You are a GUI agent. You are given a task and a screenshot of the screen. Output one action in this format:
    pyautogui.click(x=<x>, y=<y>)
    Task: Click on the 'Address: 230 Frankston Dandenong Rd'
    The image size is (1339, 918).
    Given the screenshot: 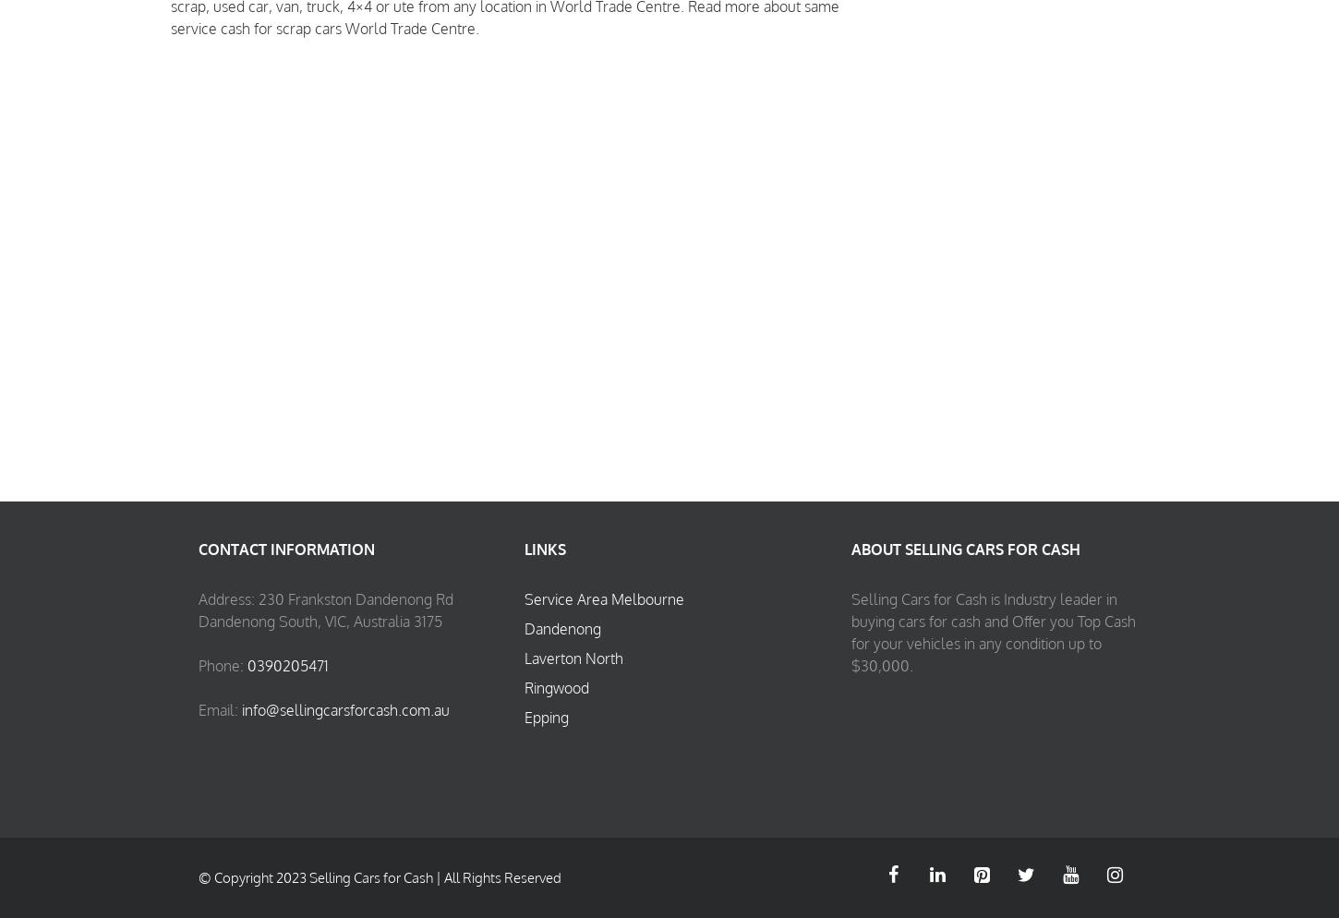 What is the action you would take?
    pyautogui.click(x=198, y=598)
    